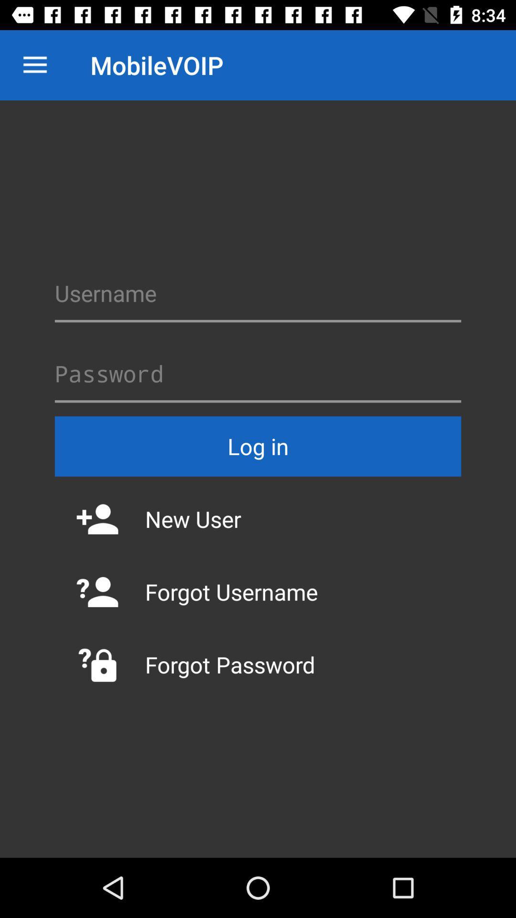 This screenshot has height=918, width=516. What do you see at coordinates (258, 518) in the screenshot?
I see `new user` at bounding box center [258, 518].